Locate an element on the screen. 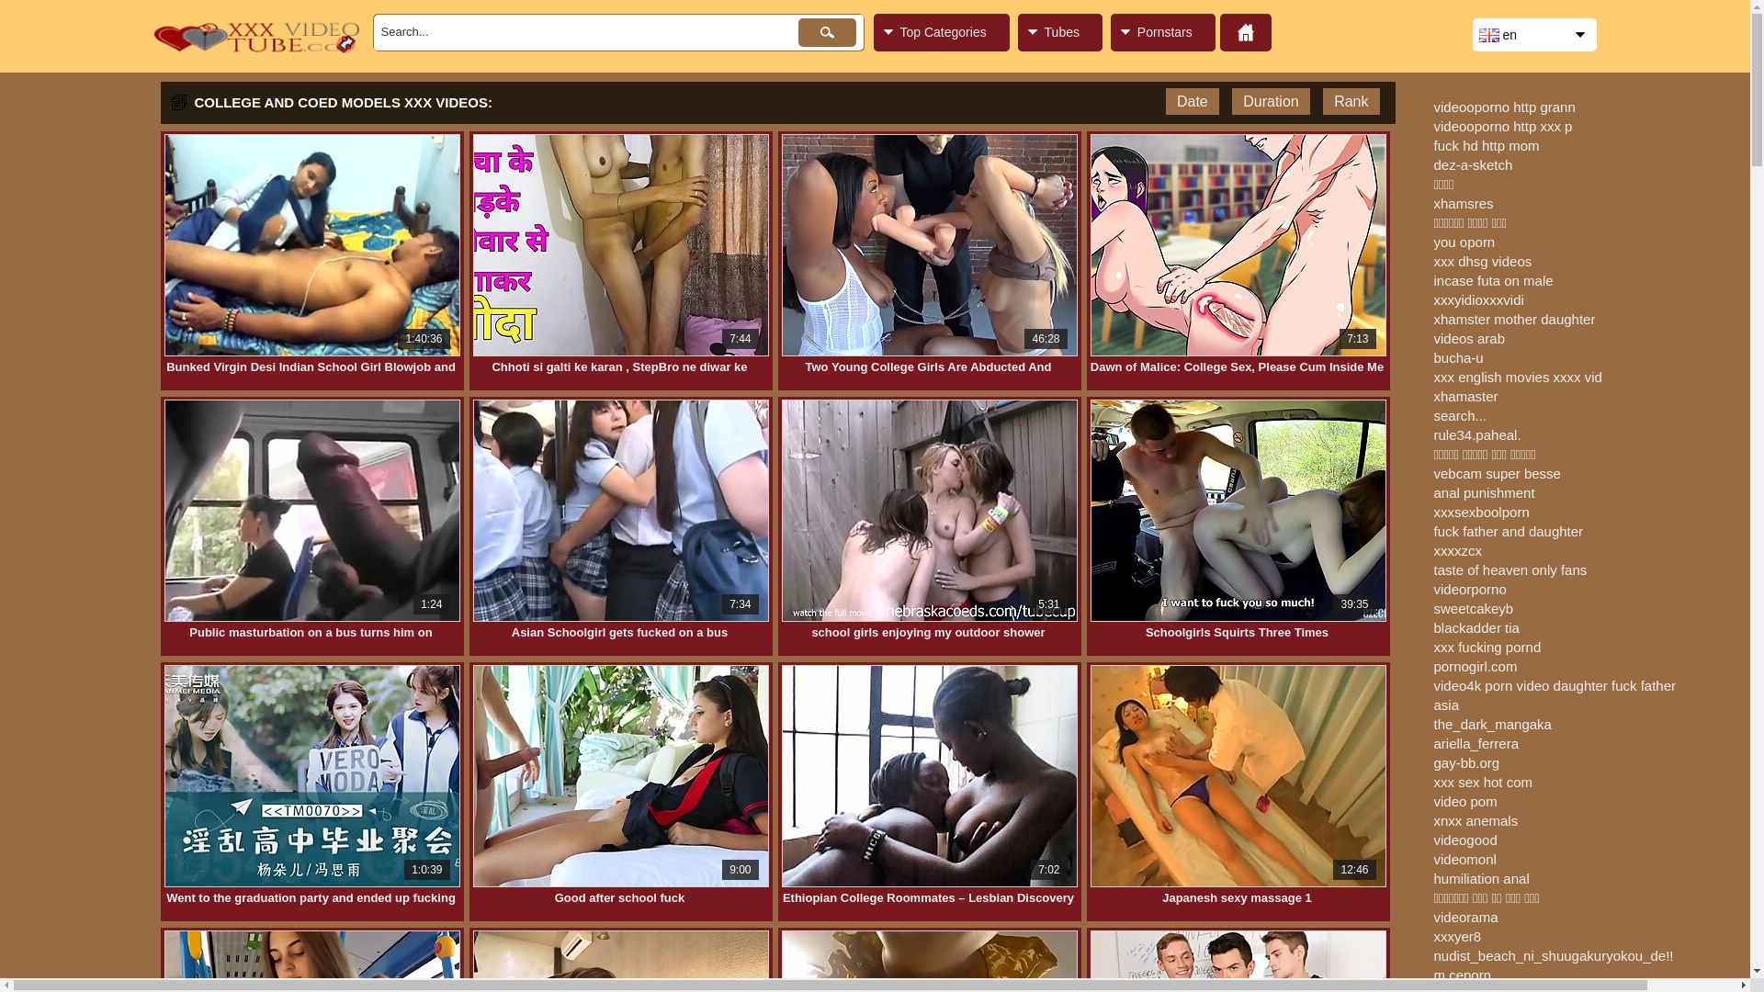 The image size is (1764, 992). 'xhamsres' is located at coordinates (1462, 203).